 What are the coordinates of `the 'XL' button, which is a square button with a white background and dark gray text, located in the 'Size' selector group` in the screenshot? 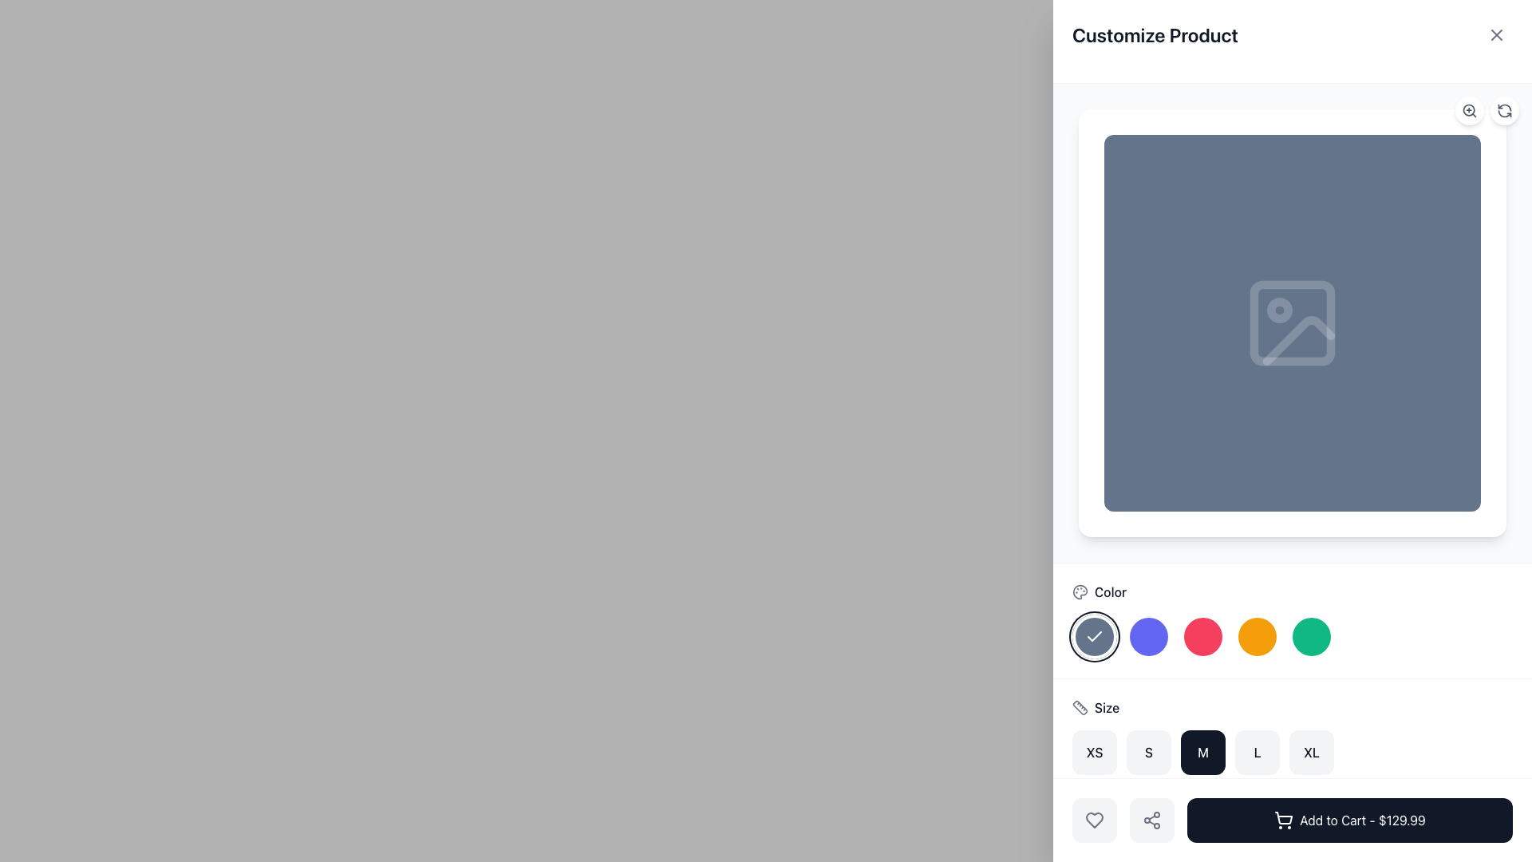 It's located at (1311, 752).